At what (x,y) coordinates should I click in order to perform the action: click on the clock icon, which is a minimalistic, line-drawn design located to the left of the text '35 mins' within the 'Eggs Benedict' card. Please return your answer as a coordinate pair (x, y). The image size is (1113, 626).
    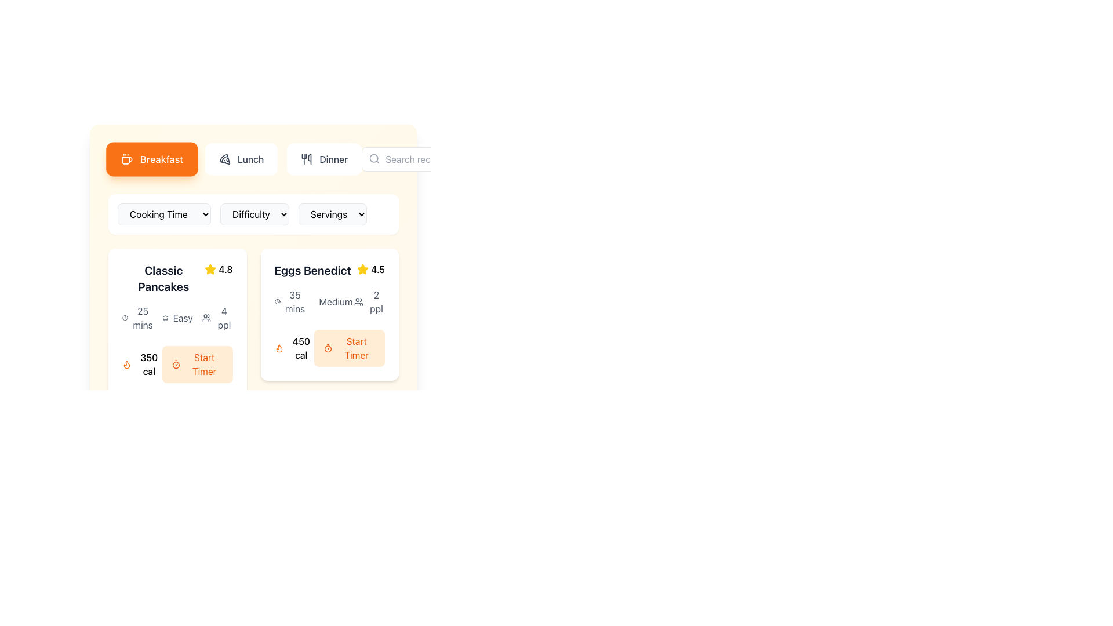
    Looking at the image, I should click on (277, 301).